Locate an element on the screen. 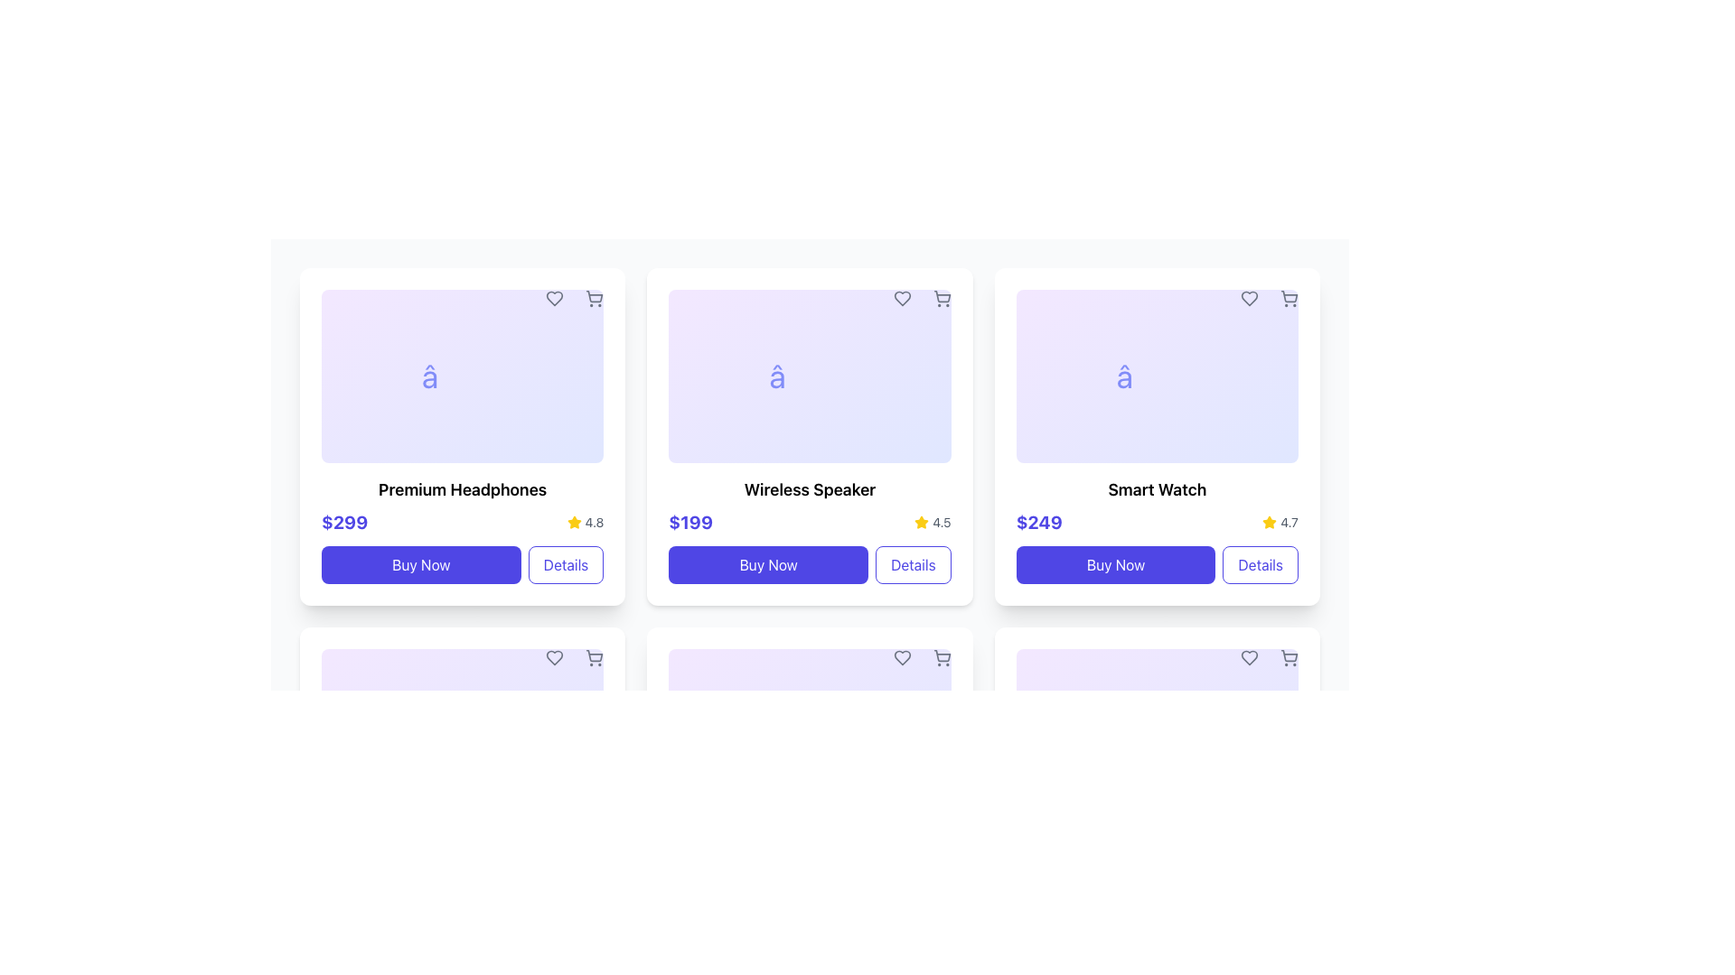 The image size is (1735, 975). the heart icon in the top-right corner of the 'Smart Watch' product card, which serves as a favorite or 'like' button is located at coordinates (1248, 658).